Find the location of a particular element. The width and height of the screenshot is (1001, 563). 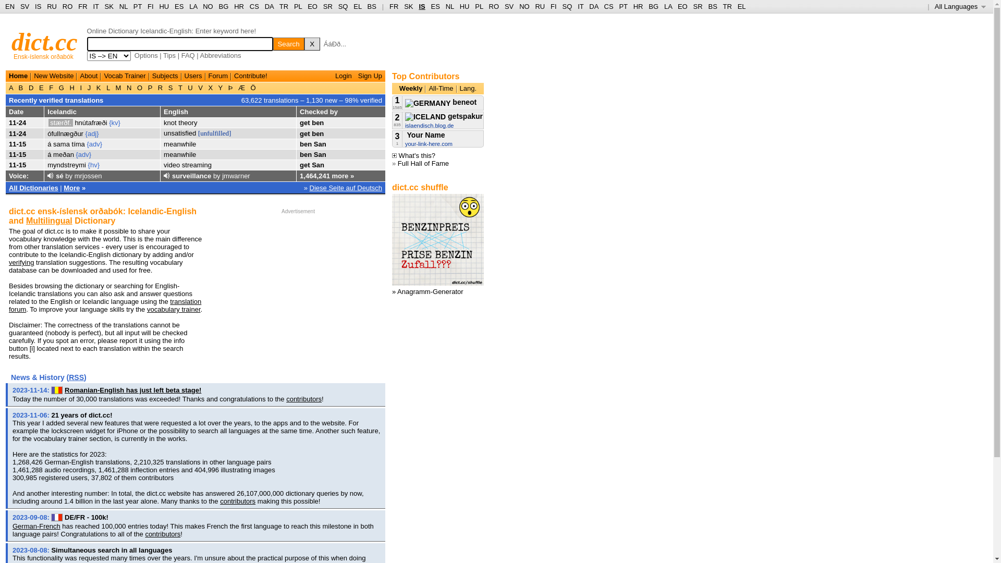

'J' is located at coordinates (89, 87).